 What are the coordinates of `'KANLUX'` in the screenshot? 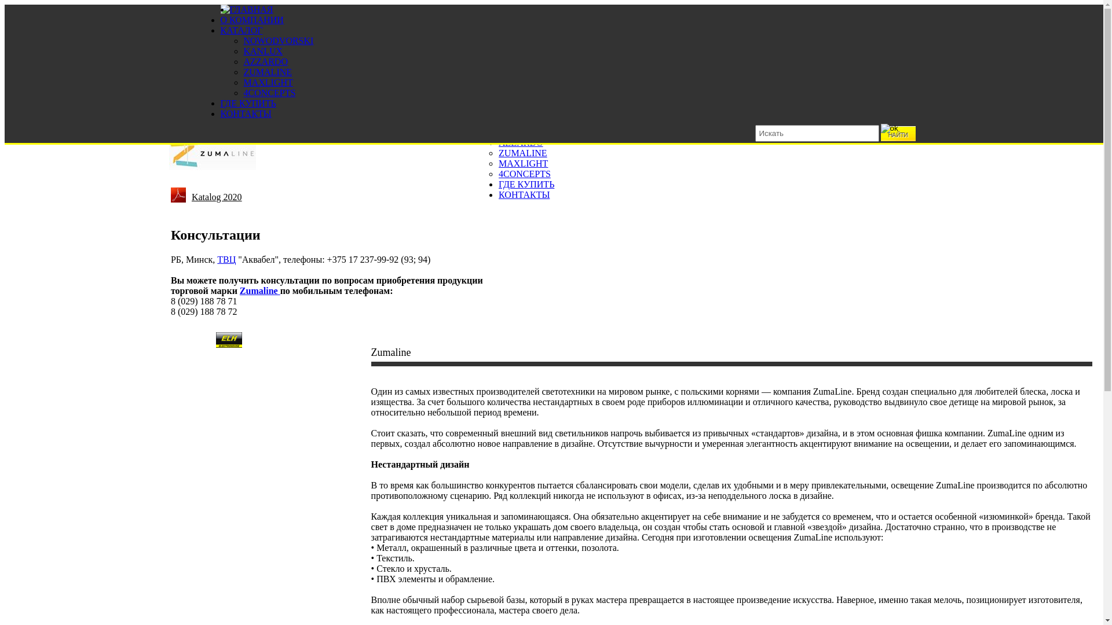 It's located at (517, 131).